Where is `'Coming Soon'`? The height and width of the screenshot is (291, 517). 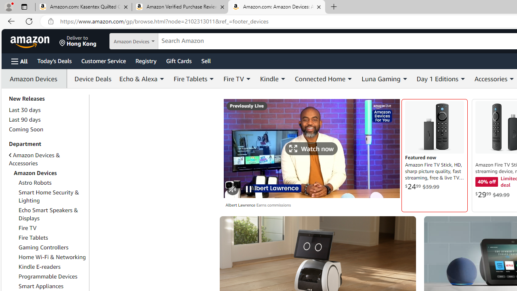 'Coming Soon' is located at coordinates (26, 129).